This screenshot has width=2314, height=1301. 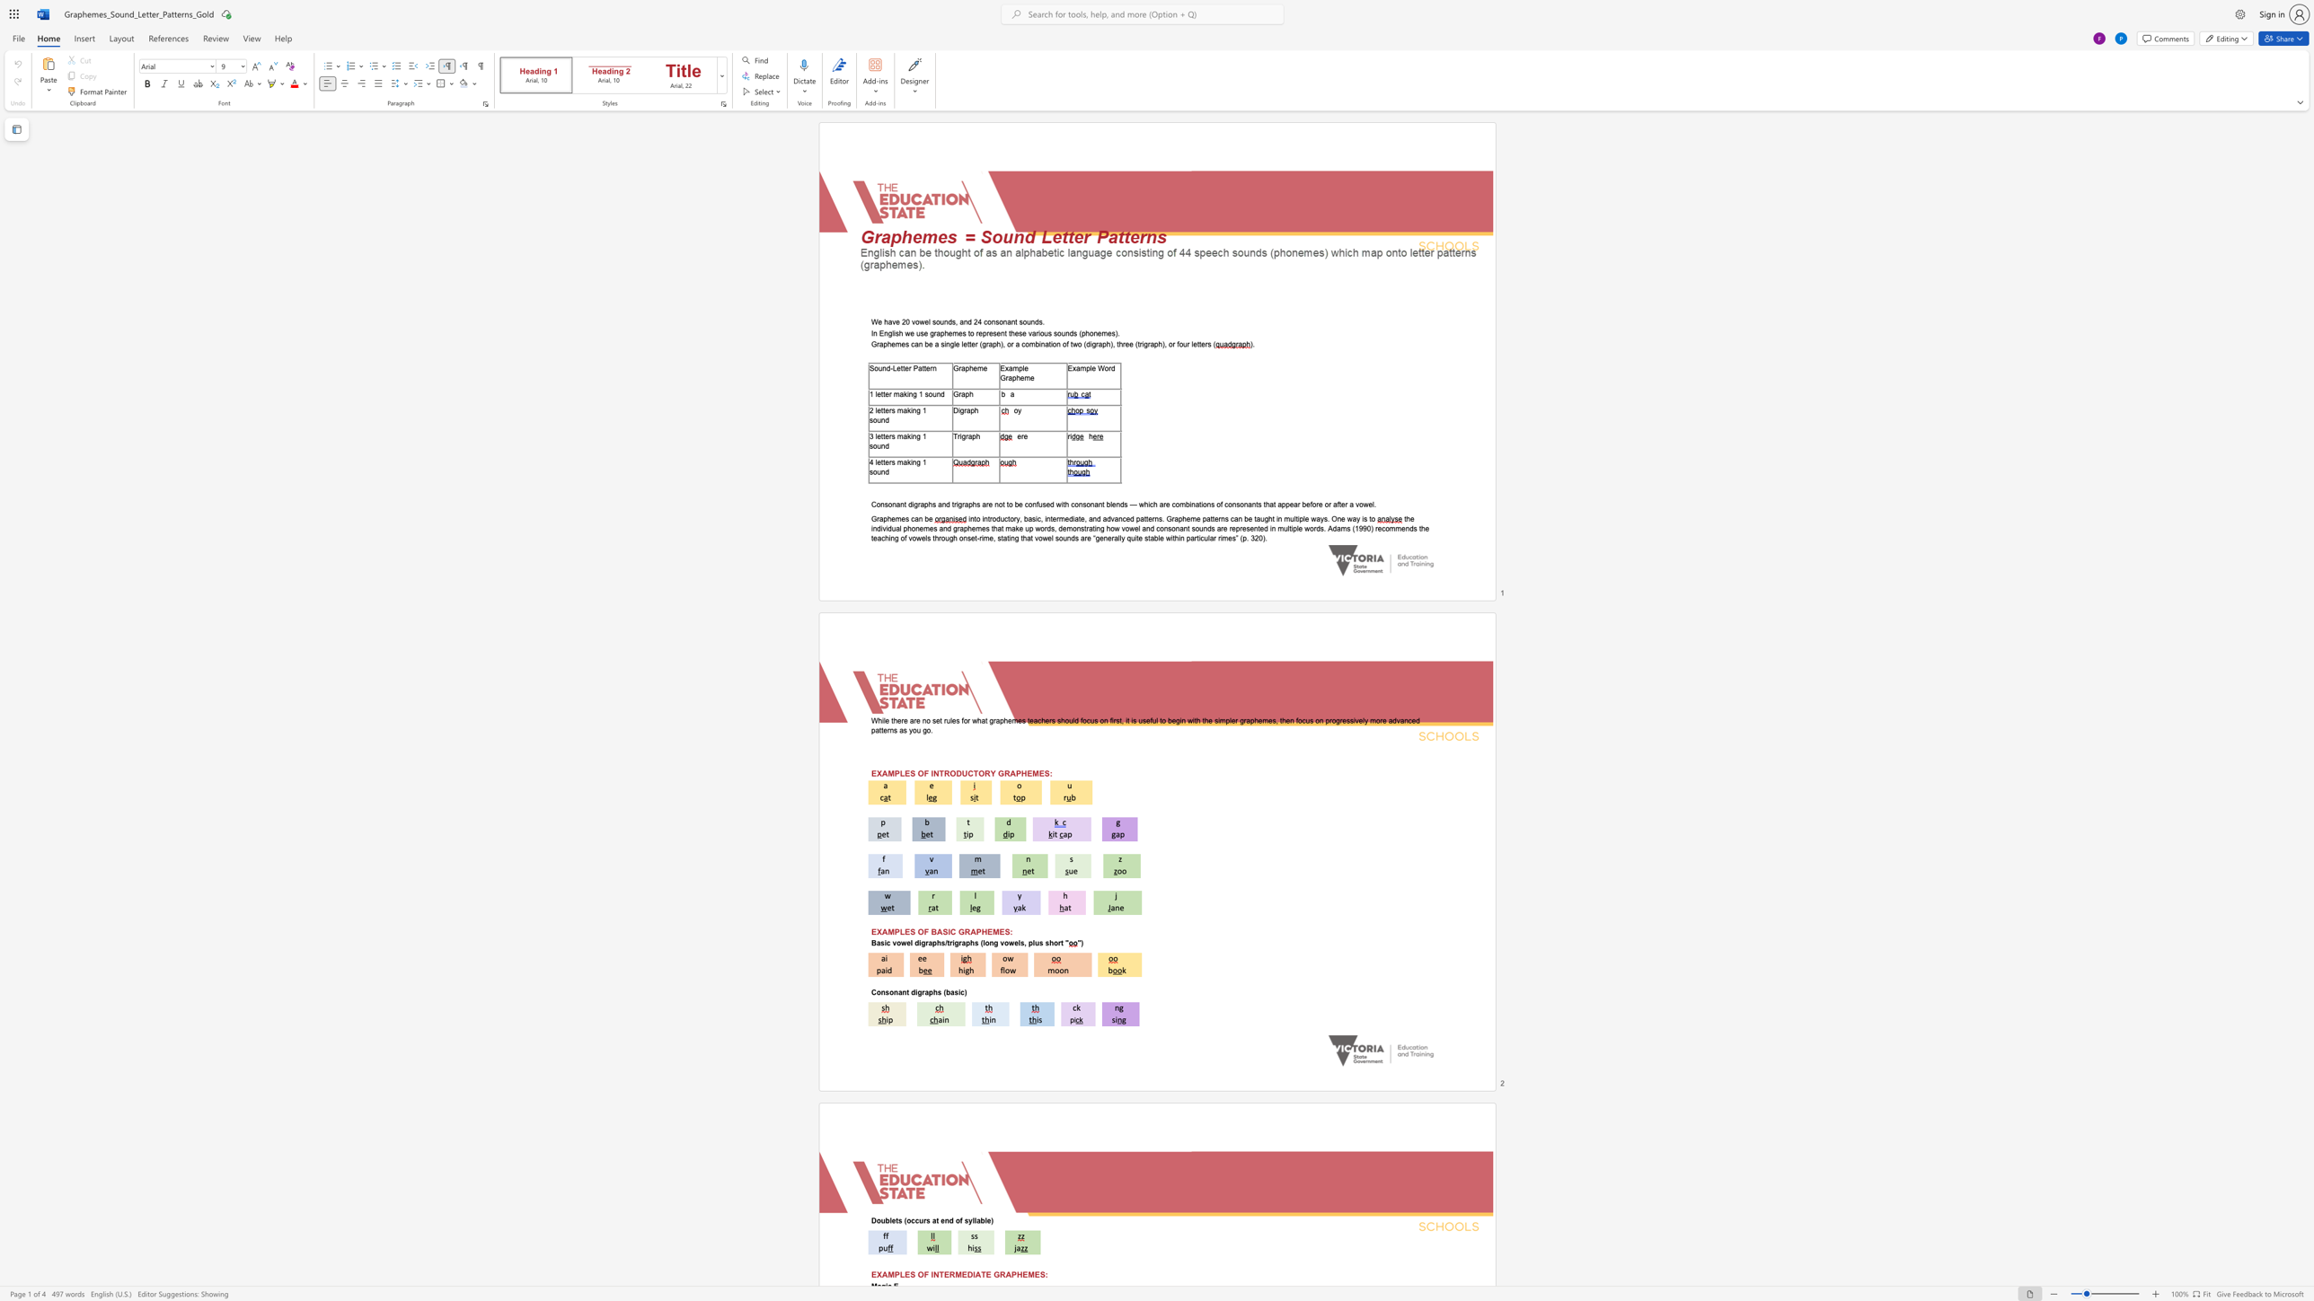 I want to click on the subset text "nglish w" within the text "In English we use graphemes to", so click(x=884, y=332).